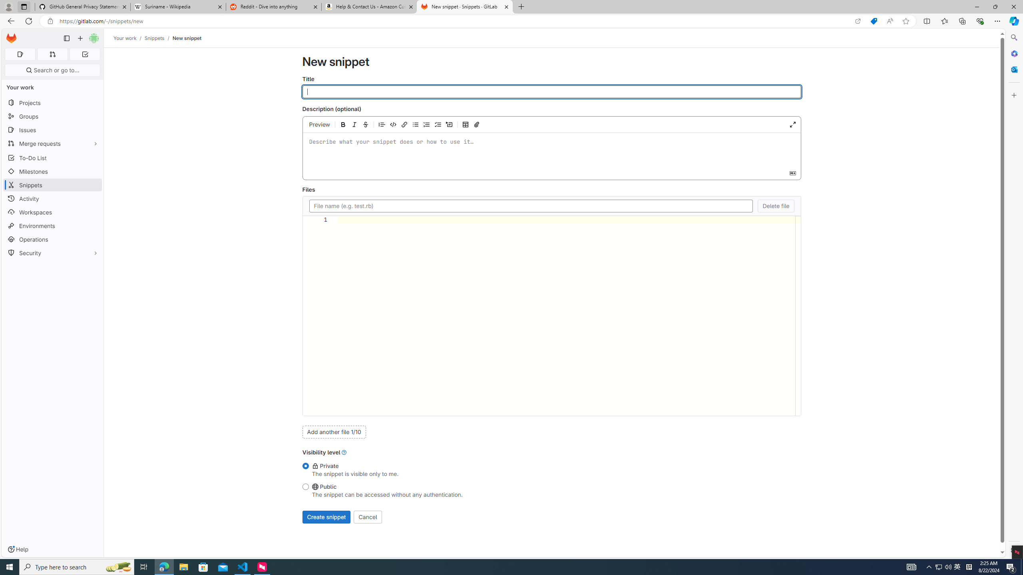  What do you see at coordinates (52, 239) in the screenshot?
I see `'Operations'` at bounding box center [52, 239].